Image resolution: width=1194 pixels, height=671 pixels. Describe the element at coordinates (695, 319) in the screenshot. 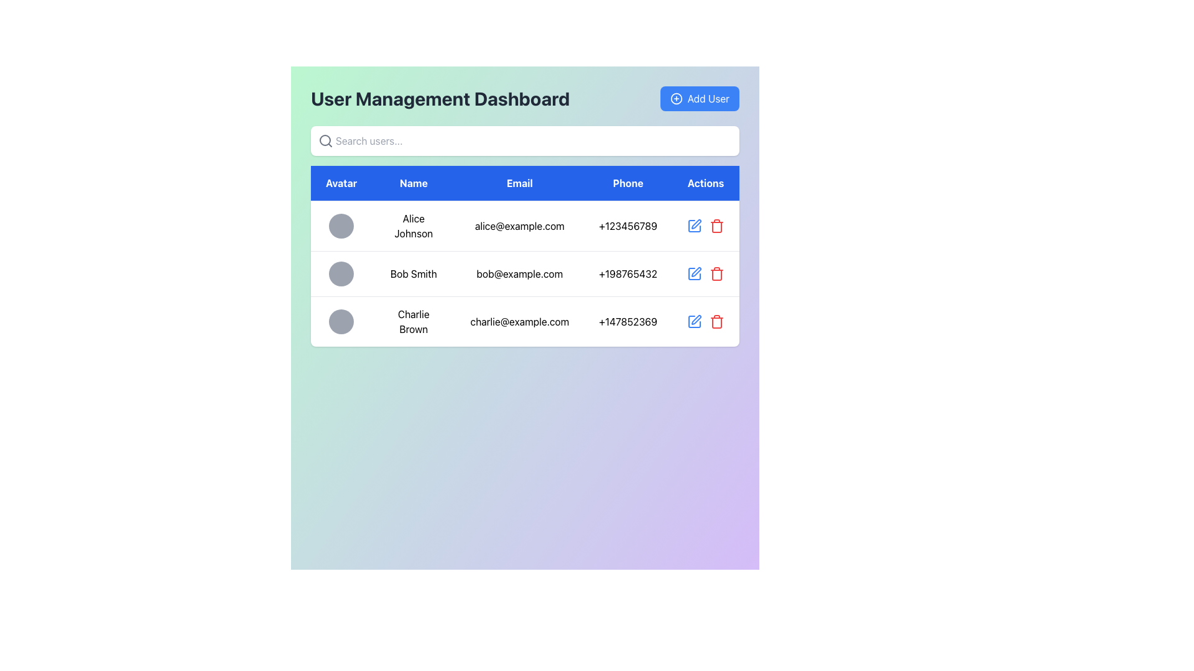

I see `the edit icon associated with the user Charlie Brown in the Actions column of the table` at that location.